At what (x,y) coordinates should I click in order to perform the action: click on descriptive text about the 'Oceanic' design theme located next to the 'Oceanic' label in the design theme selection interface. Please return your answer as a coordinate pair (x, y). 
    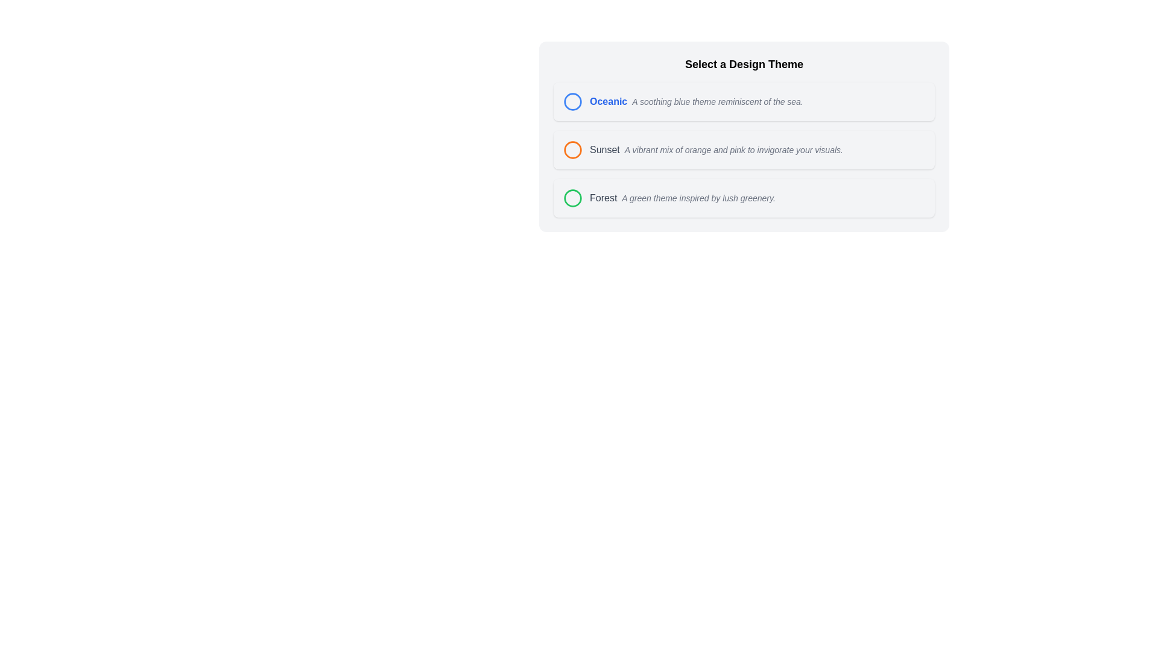
    Looking at the image, I should click on (718, 101).